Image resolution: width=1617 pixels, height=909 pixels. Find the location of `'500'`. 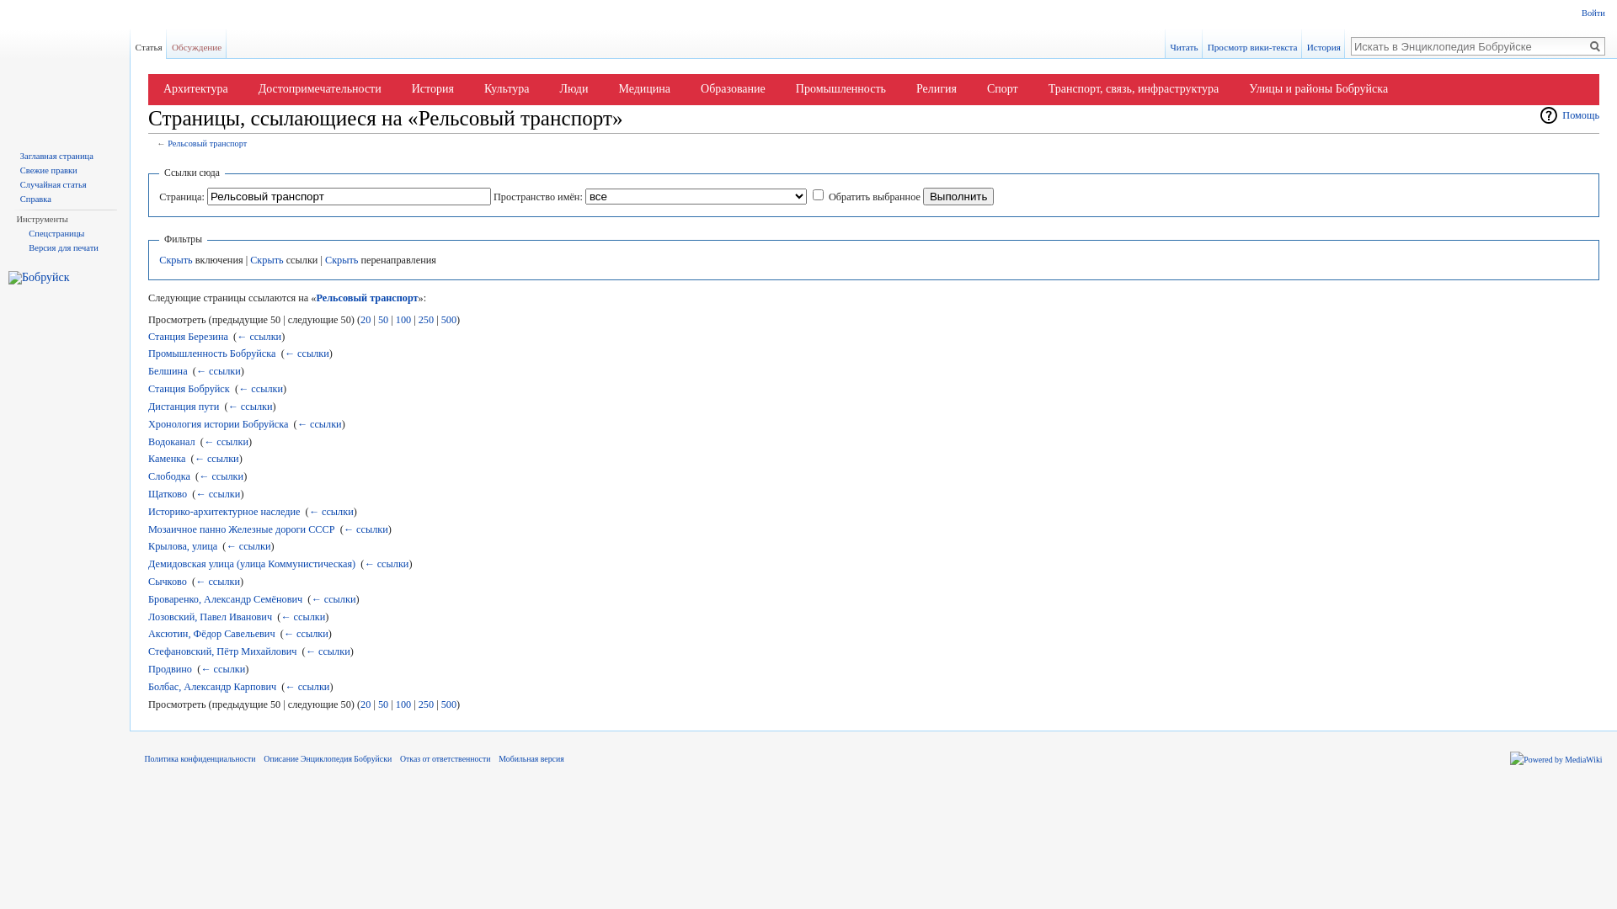

'500' is located at coordinates (448, 320).